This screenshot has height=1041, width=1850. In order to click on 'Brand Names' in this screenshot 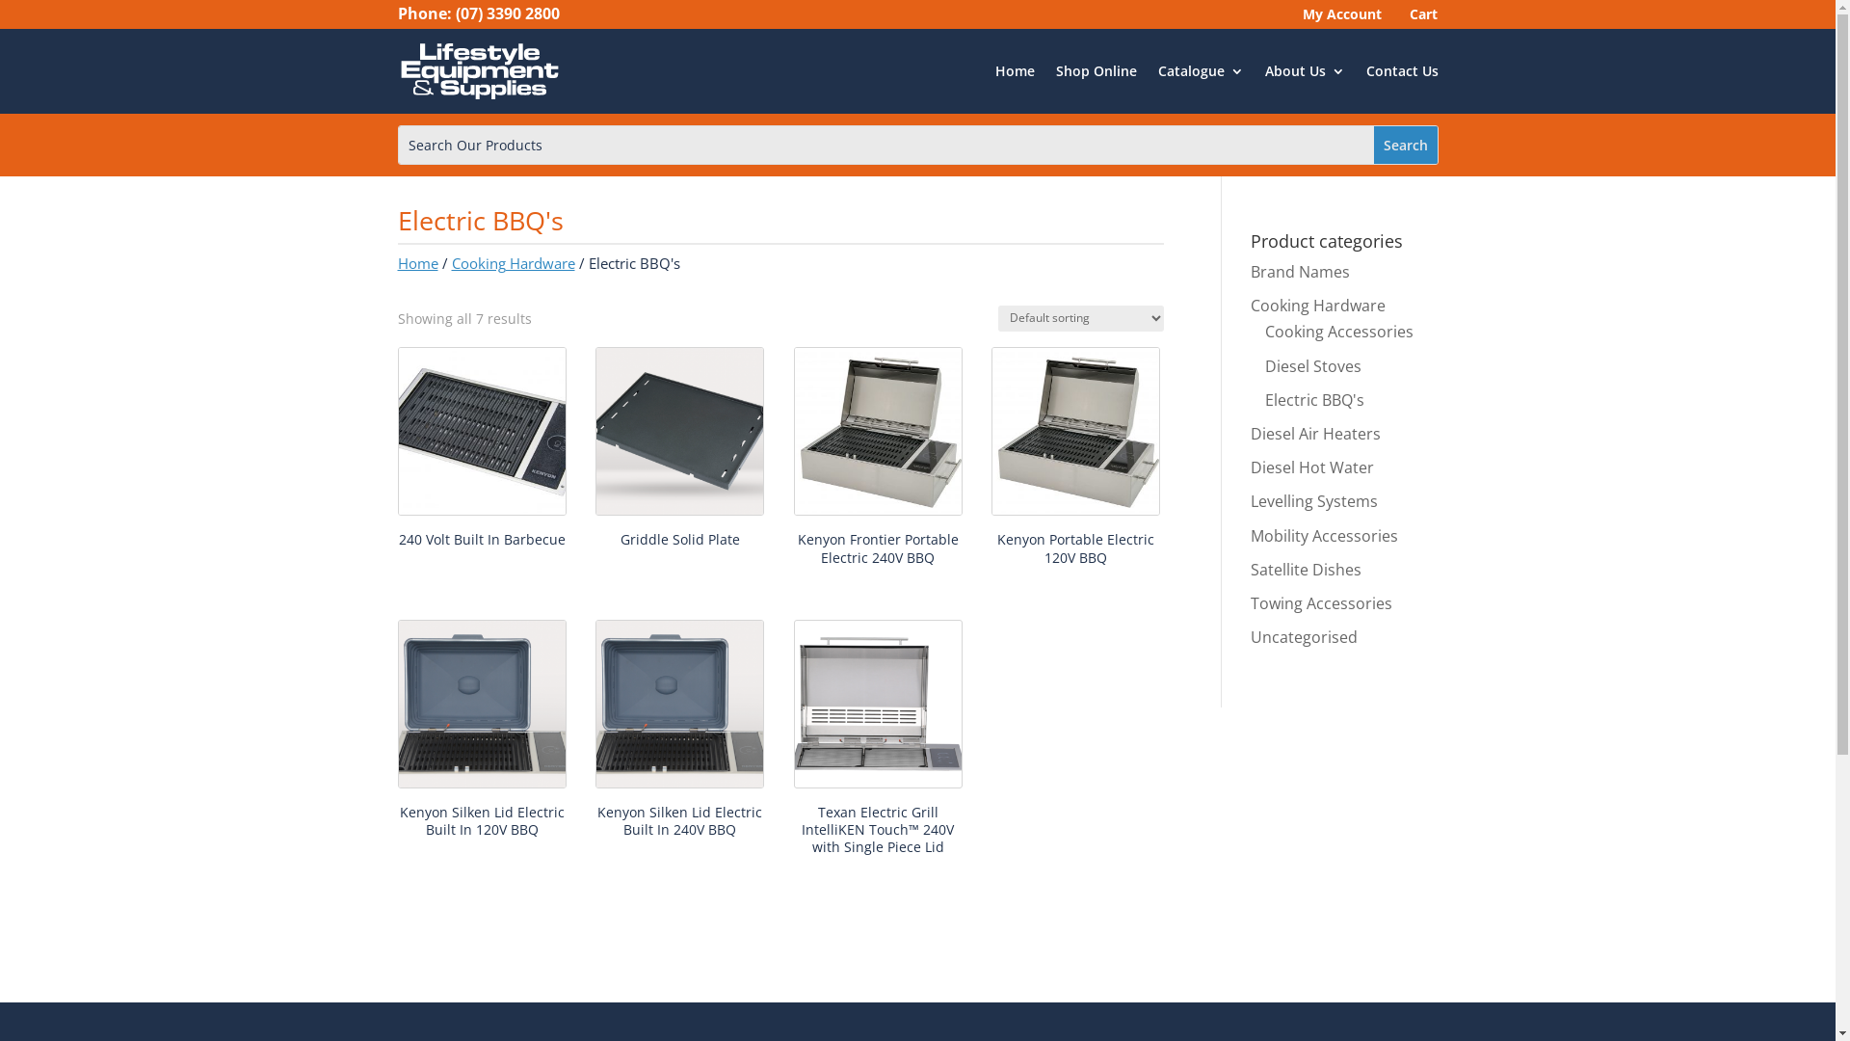, I will do `click(1300, 271)`.